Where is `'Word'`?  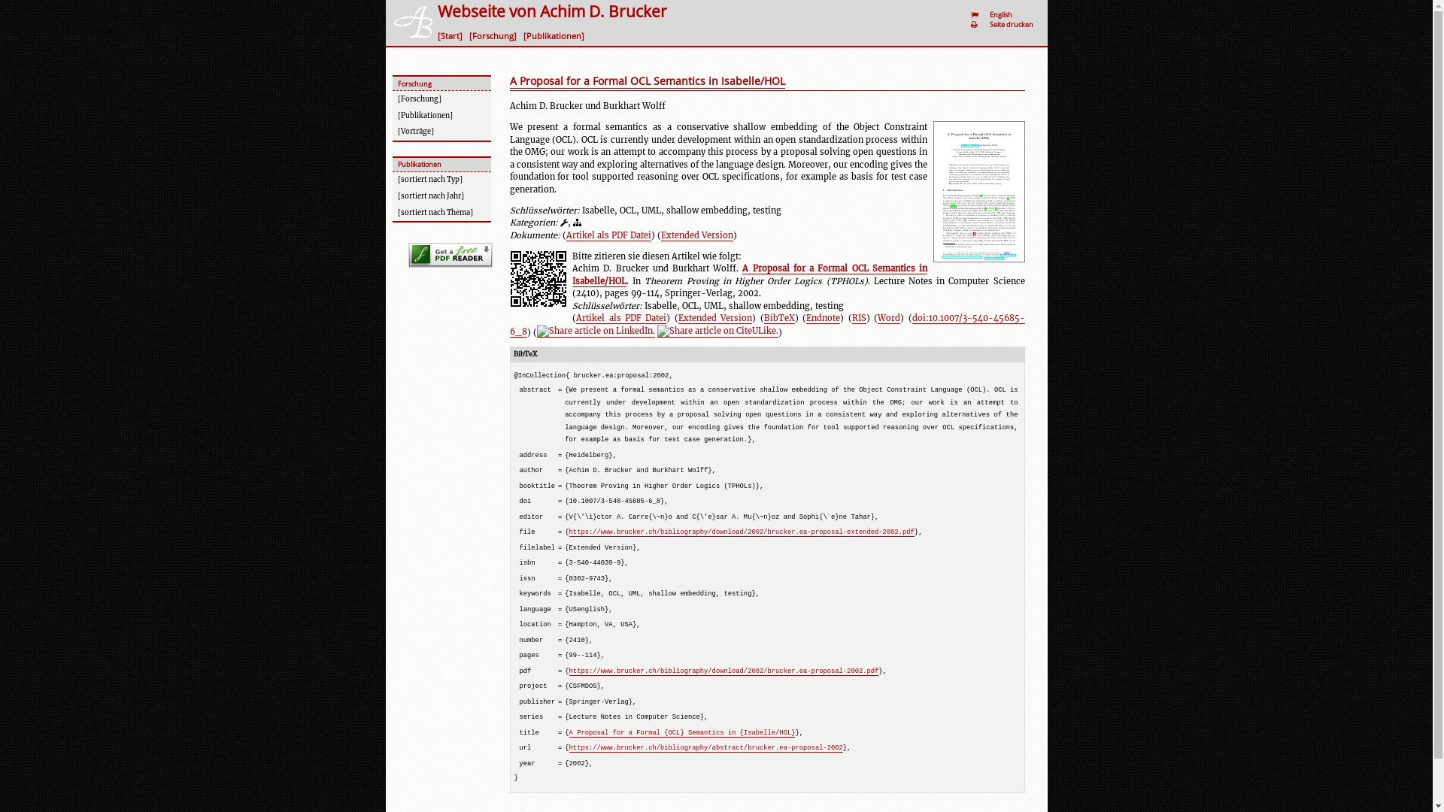 'Word' is located at coordinates (888, 317).